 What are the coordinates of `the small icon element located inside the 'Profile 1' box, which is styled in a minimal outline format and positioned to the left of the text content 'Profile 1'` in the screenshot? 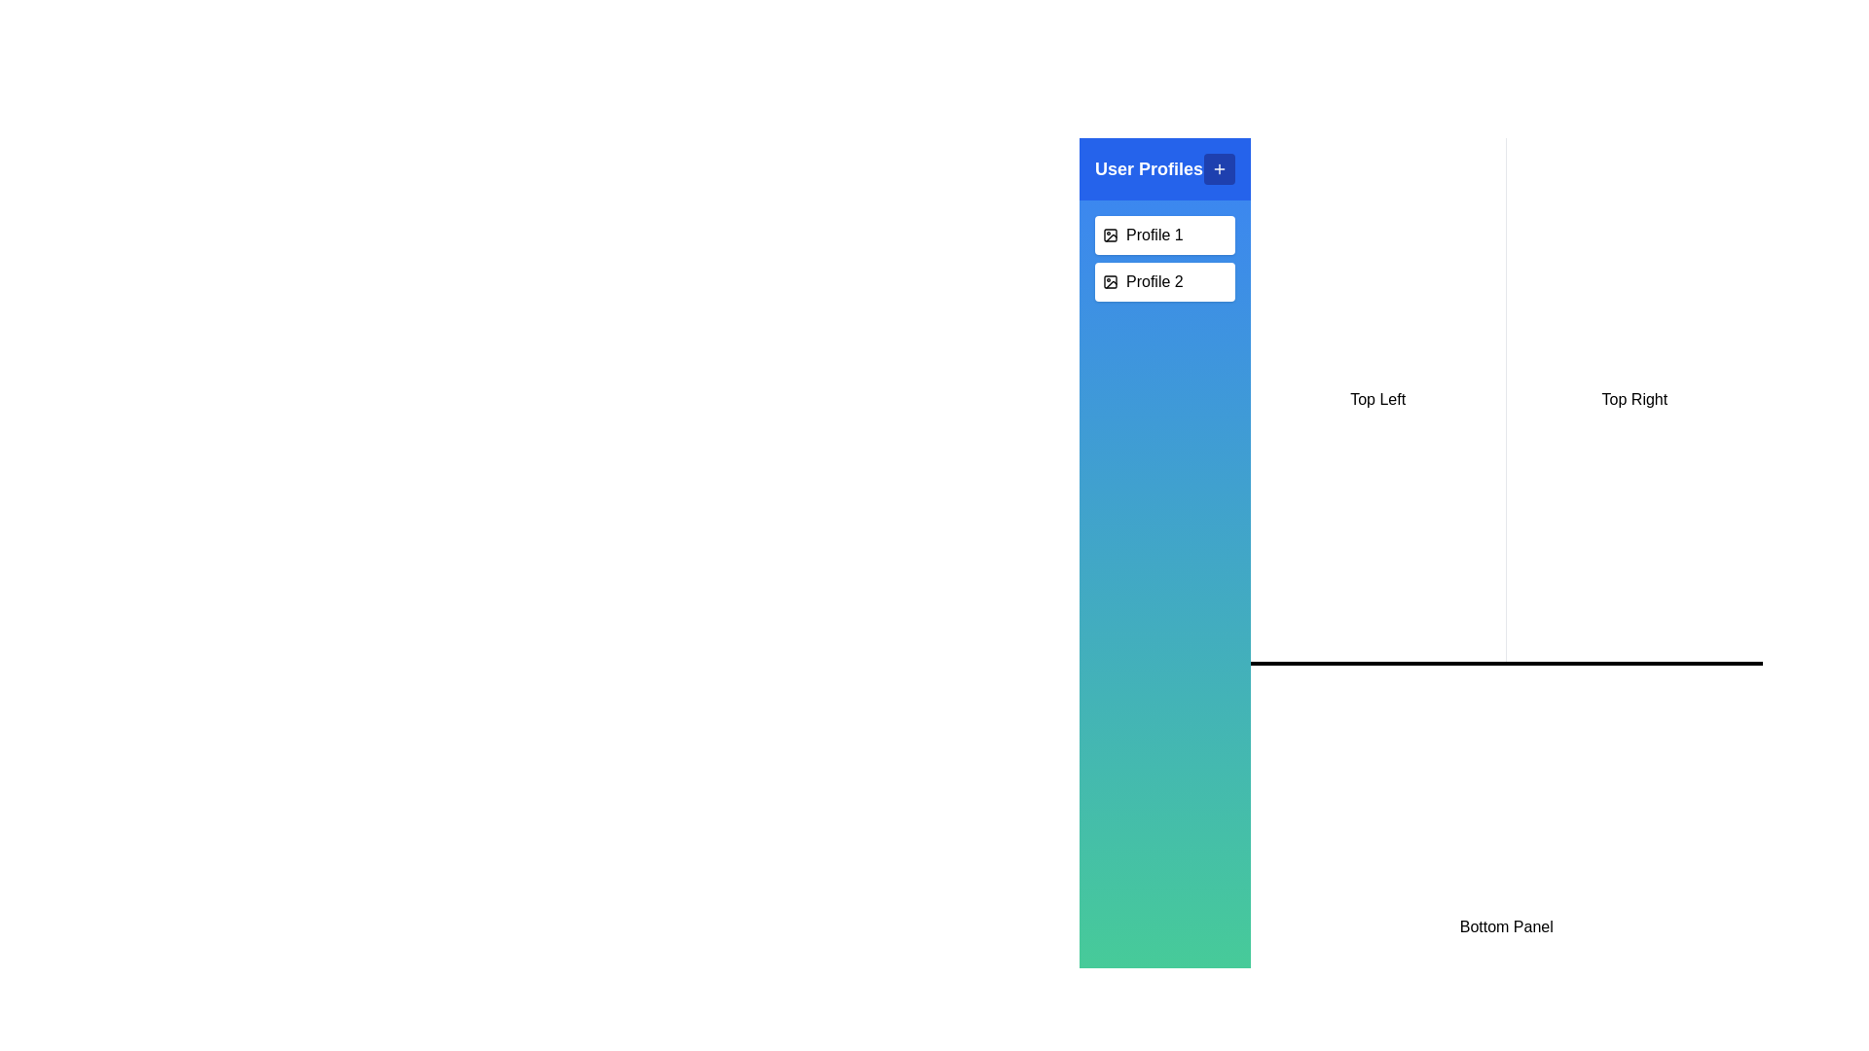 It's located at (1111, 235).